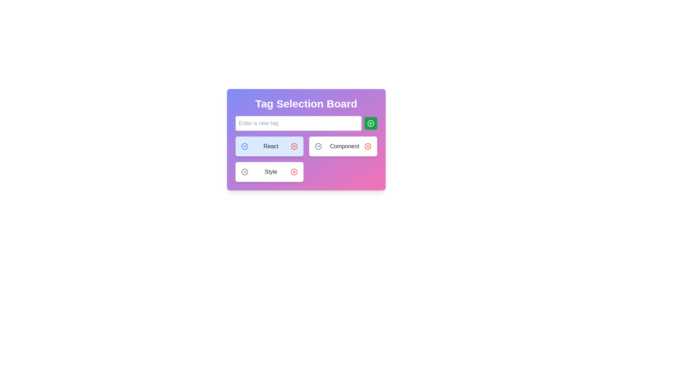  I want to click on the compact circular green button with a white plus icon, located to the right of the 'Enter a new tag.' text input field, so click(370, 123).